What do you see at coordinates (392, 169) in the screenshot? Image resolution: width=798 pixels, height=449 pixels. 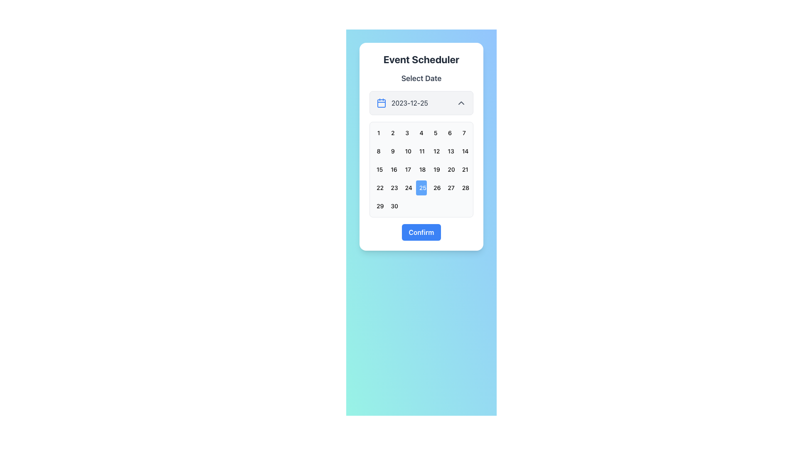 I see `the calendar day cell displaying the number '16'` at bounding box center [392, 169].